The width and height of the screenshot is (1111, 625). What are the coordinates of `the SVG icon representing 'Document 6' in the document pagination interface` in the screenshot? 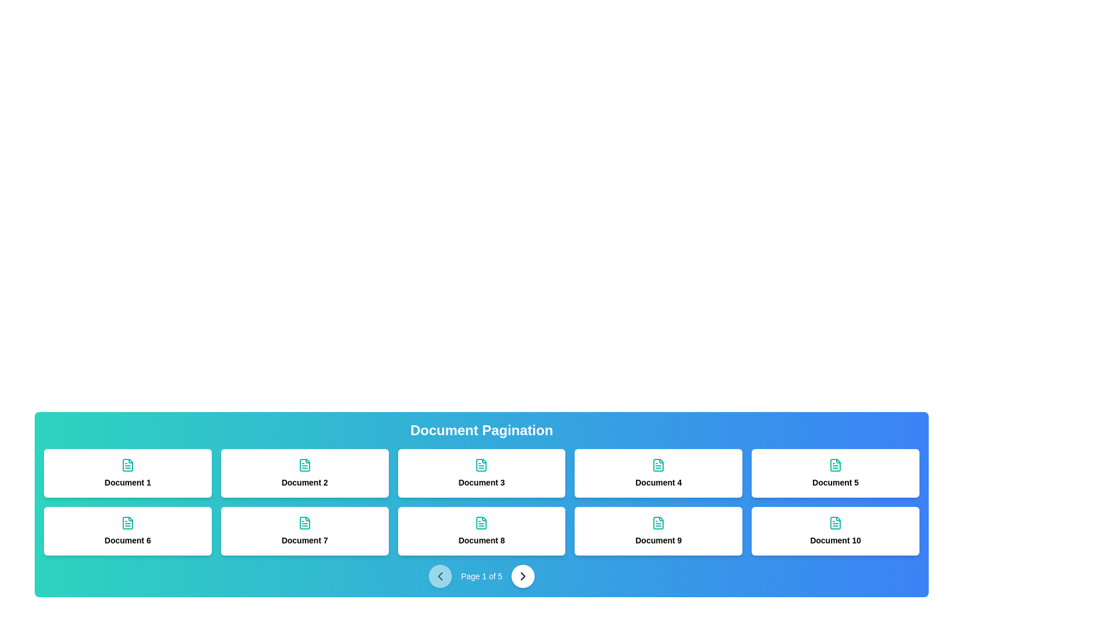 It's located at (127, 523).